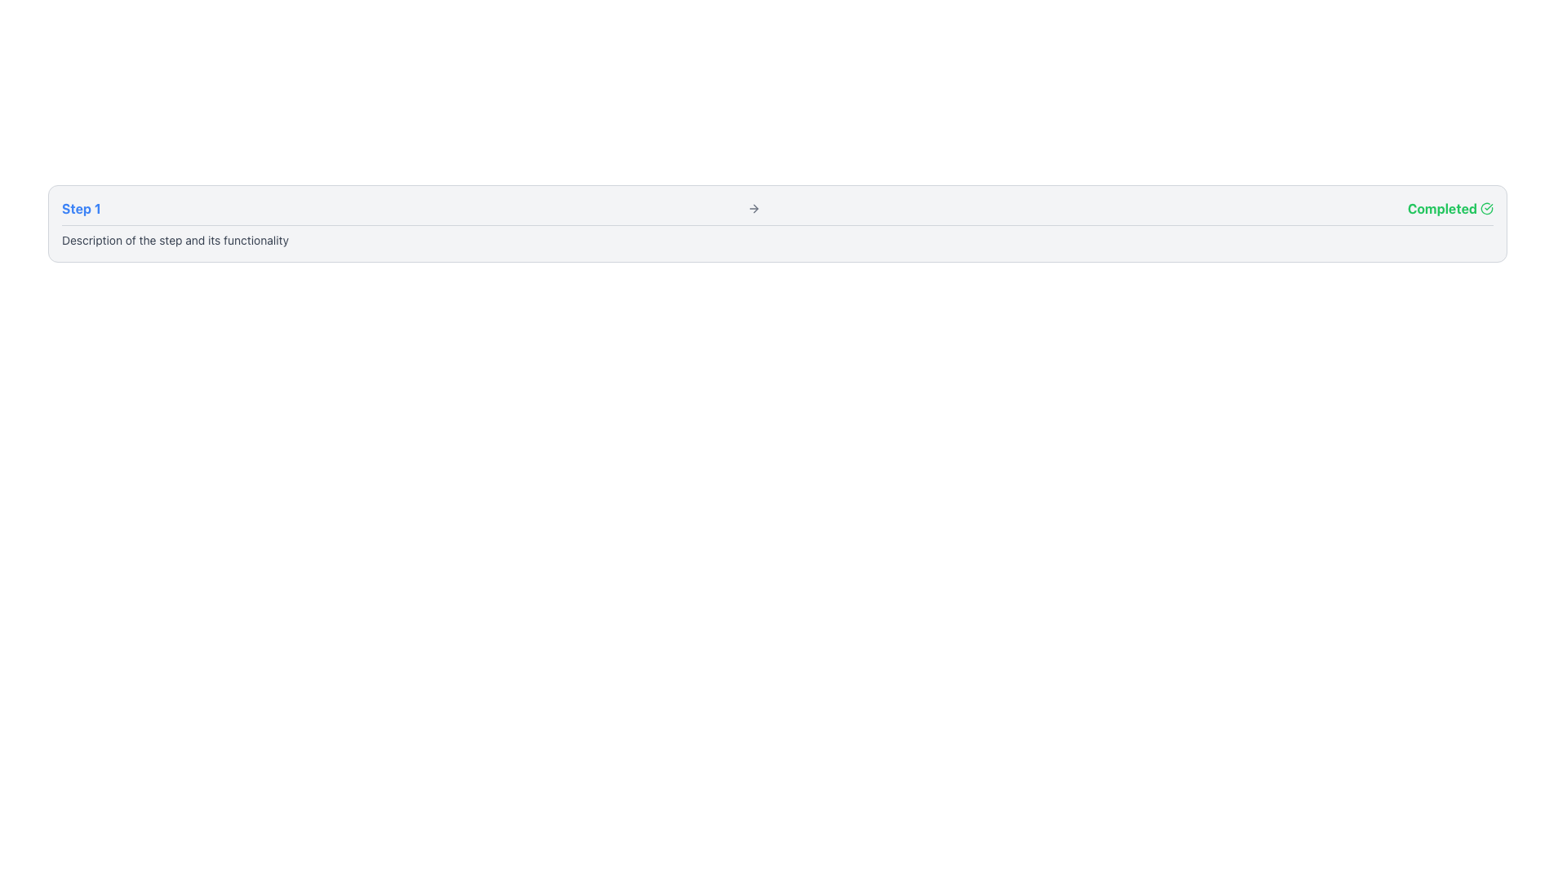 The height and width of the screenshot is (881, 1567). What do you see at coordinates (175, 240) in the screenshot?
I see `the text label that reads 'Description of the step and its functionality', which is styled in a smaller gray font and is positioned to the right of the 'Step 1' label` at bounding box center [175, 240].